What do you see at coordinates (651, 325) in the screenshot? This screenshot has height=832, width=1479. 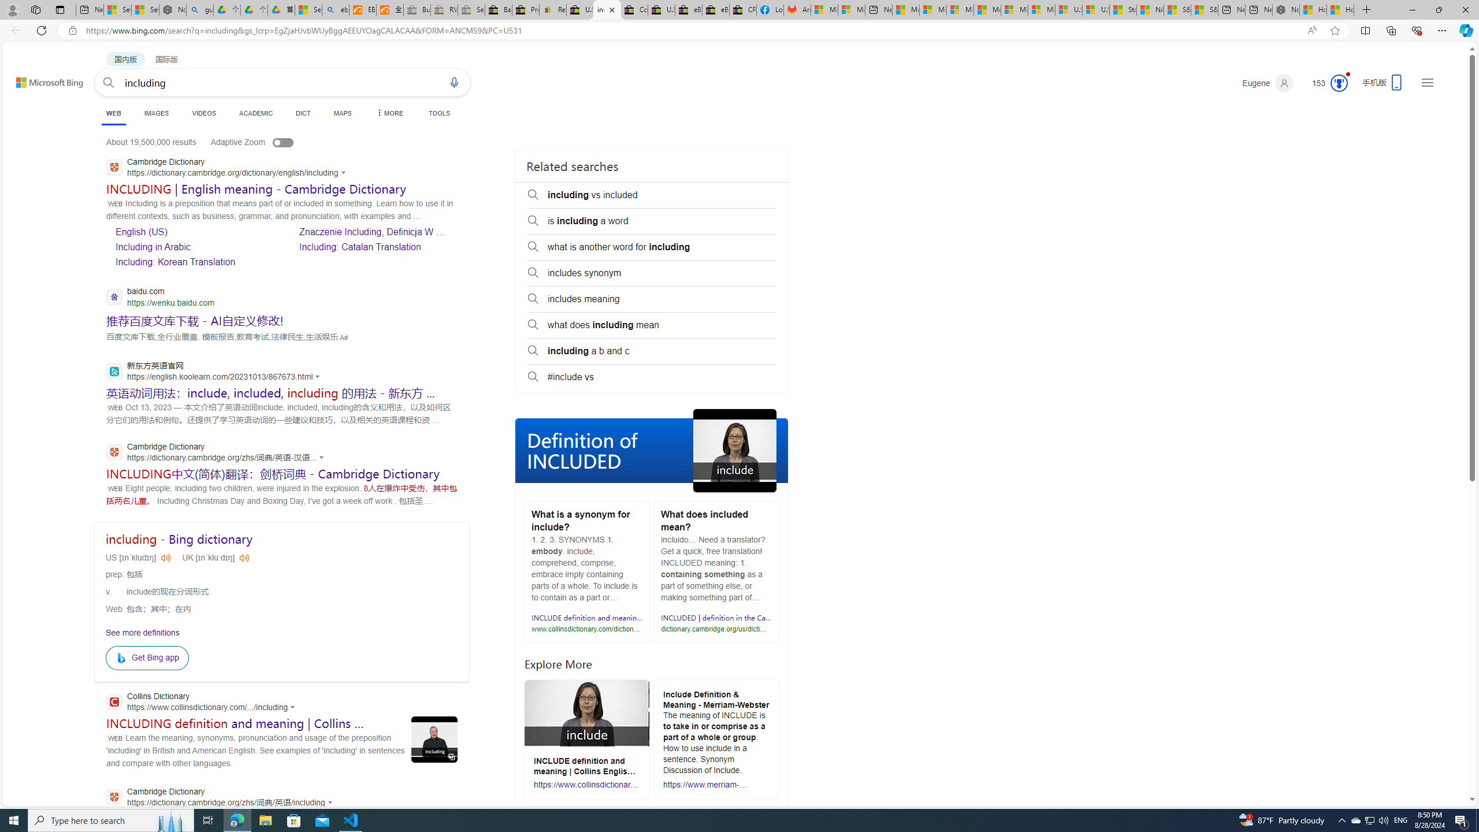 I see `'what does including mean'` at bounding box center [651, 325].